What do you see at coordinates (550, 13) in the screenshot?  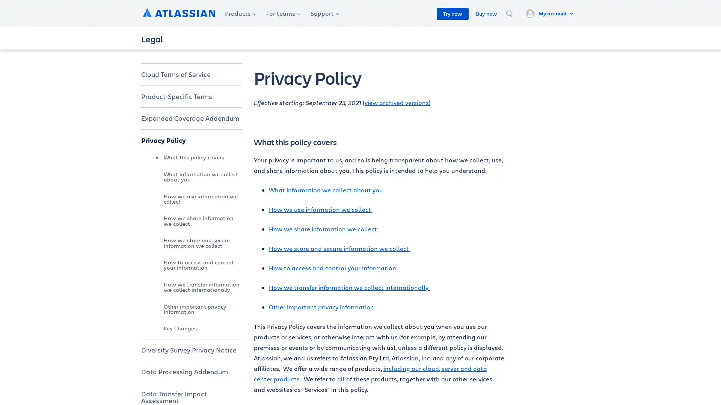 I see `My account open` at bounding box center [550, 13].